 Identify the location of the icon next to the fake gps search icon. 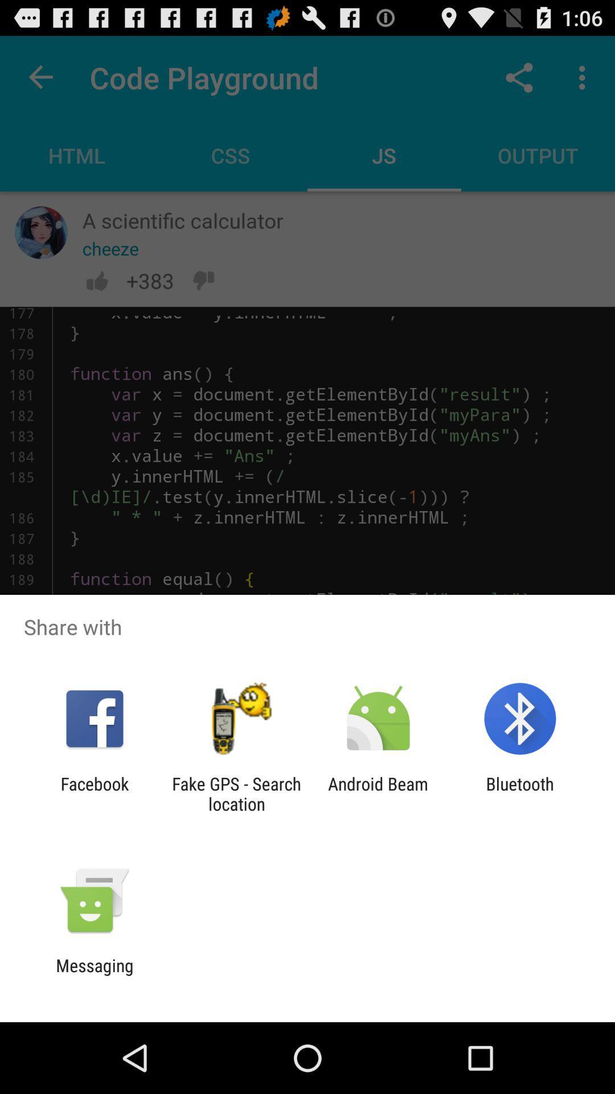
(94, 793).